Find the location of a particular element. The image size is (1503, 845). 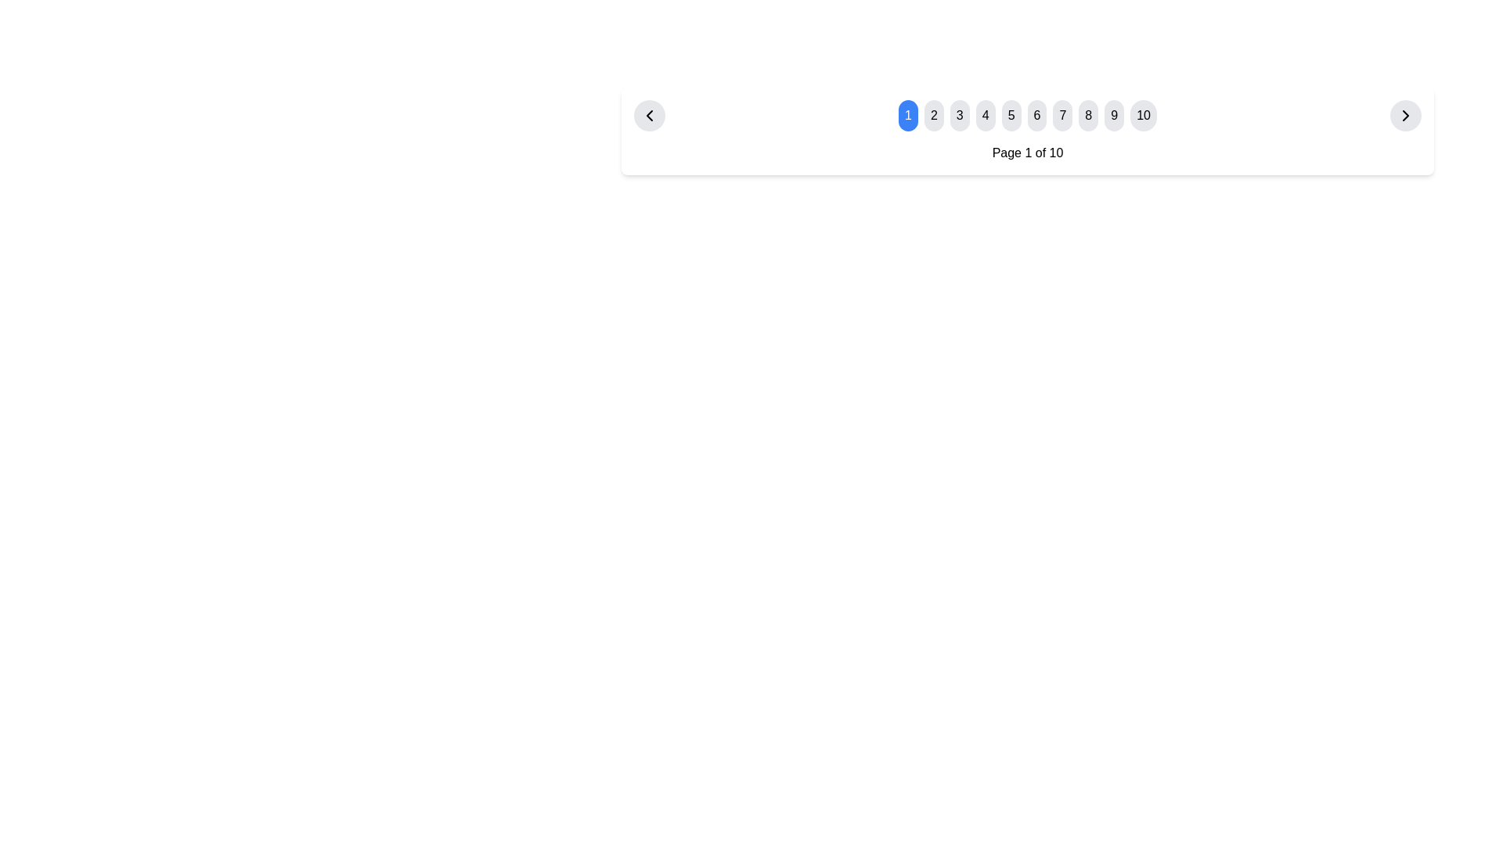

the circular button displaying the number '2' for keyboard navigation is located at coordinates (934, 114).